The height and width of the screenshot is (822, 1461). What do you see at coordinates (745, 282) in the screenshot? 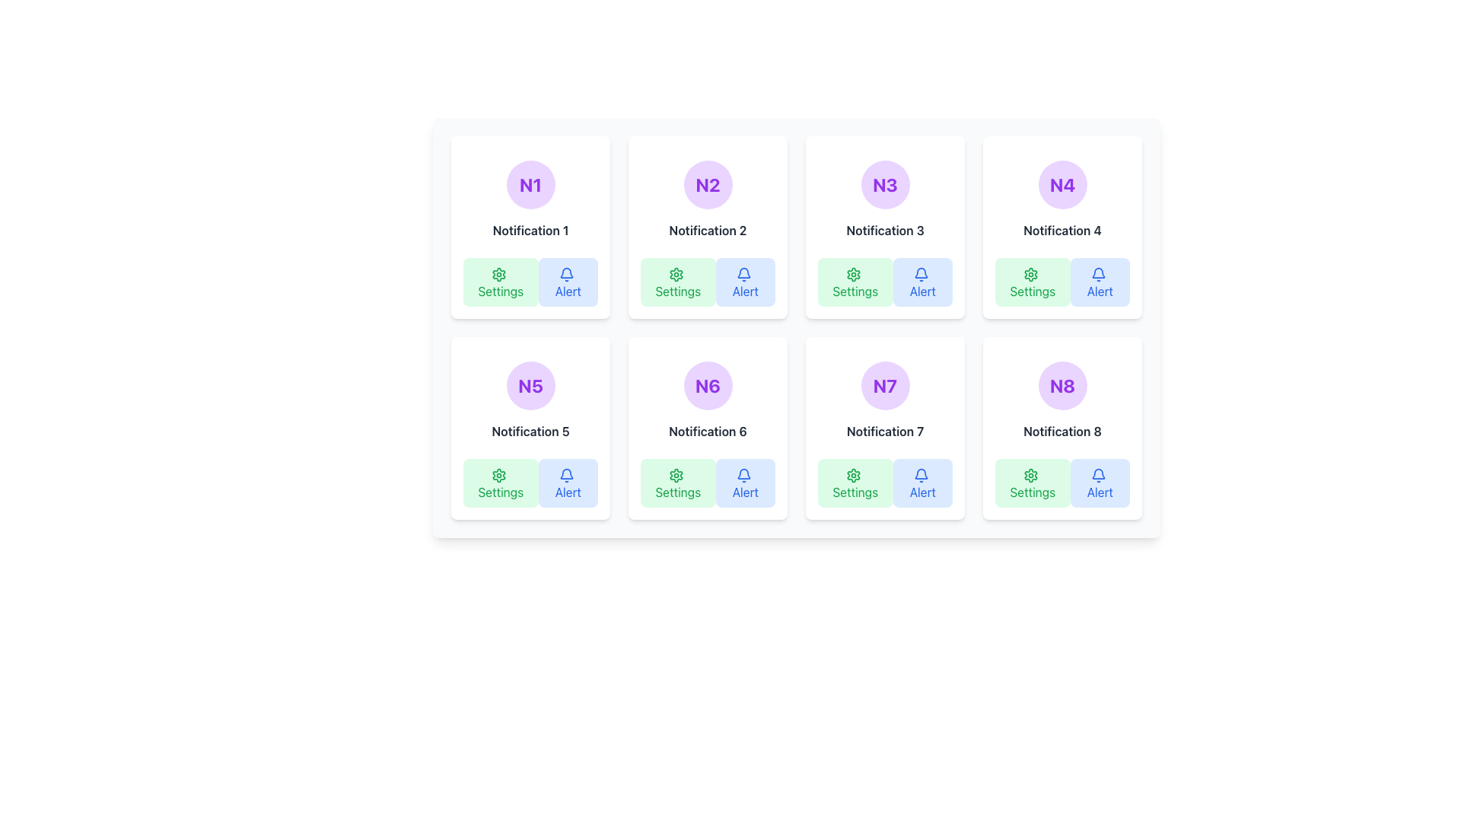
I see `the 'Alert' button with a light blue background and dark blue text, located in the 'Notification 2' card` at bounding box center [745, 282].